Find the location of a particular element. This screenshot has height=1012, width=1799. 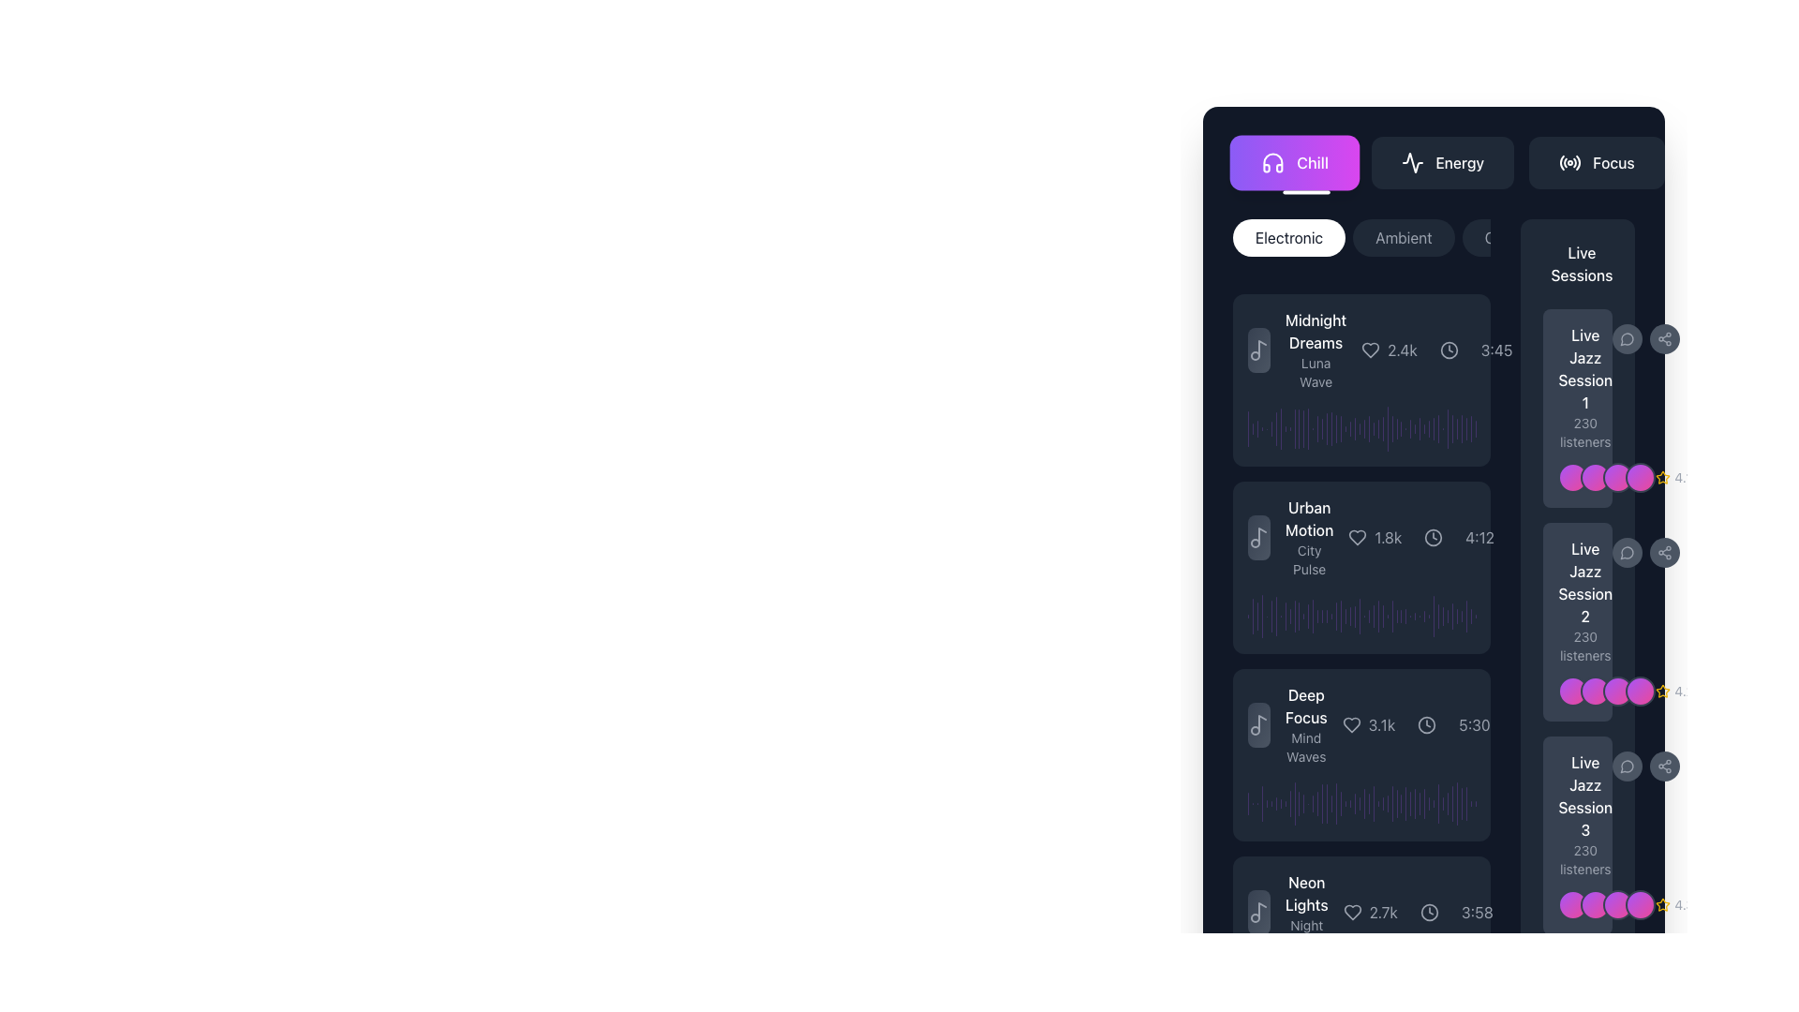

the text label displaying 'Live, Jazz, Session 3' located in the rightmost column of the interface, within the 'Live Sessions' section is located at coordinates (1584, 796).